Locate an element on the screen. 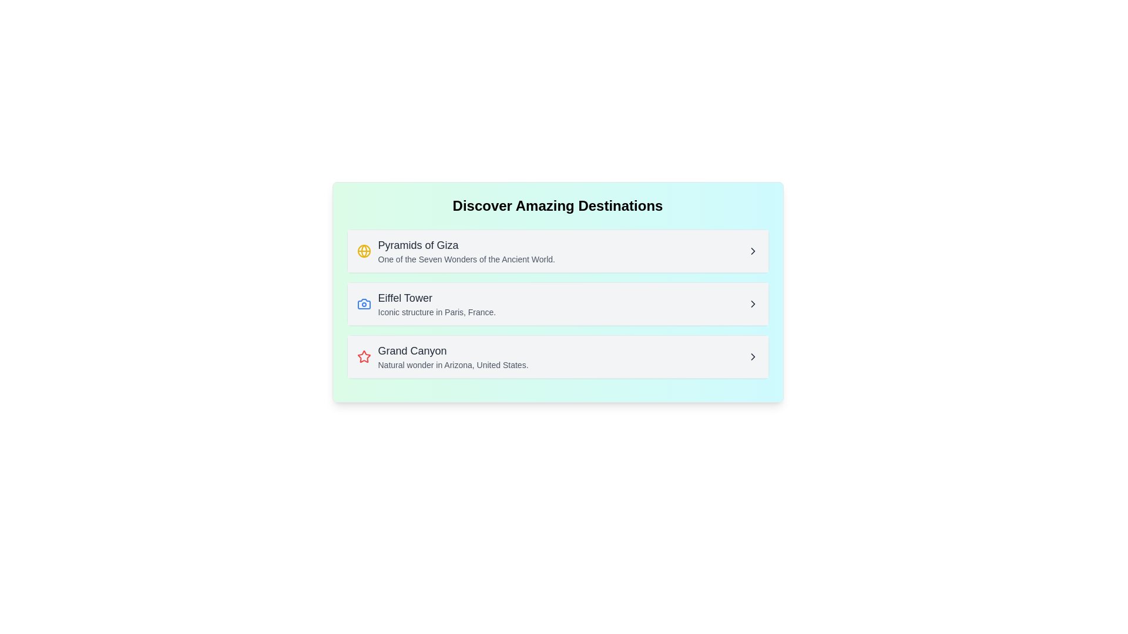  the text label displaying 'Natural wonder in Arizona, United States.', which is located beneath the title 'Grand Canyon' in the third list item of a collection of destinations is located at coordinates (452, 364).